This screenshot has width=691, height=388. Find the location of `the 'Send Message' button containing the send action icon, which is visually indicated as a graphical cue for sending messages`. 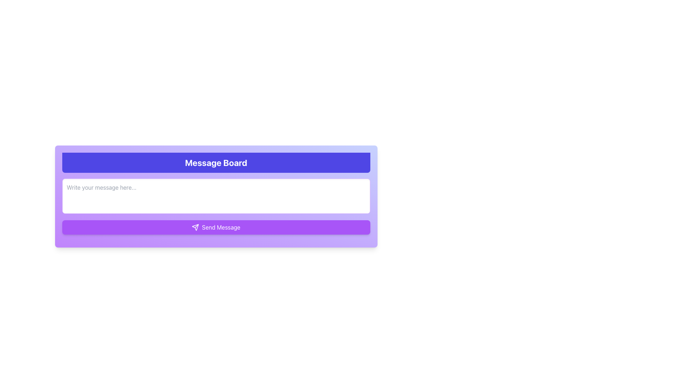

the 'Send Message' button containing the send action icon, which is visually indicated as a graphical cue for sending messages is located at coordinates (195, 227).